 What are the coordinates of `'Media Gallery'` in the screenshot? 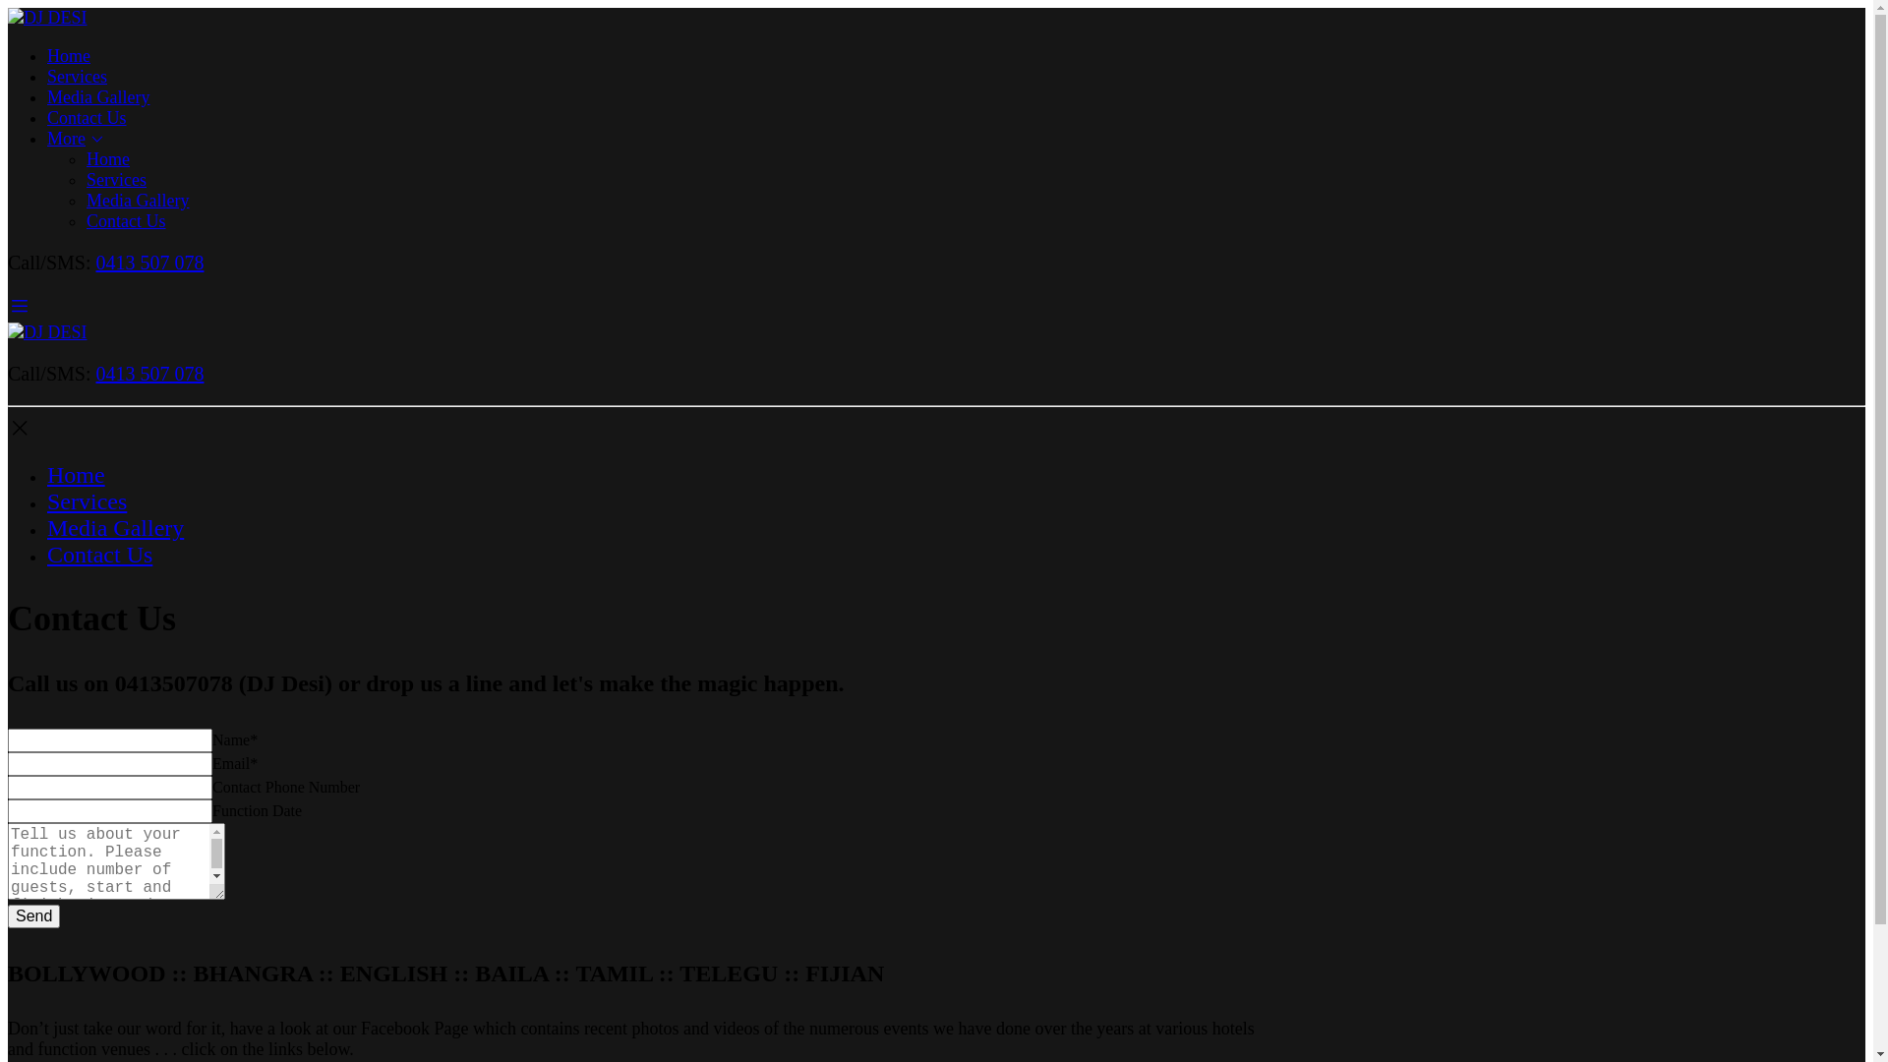 It's located at (114, 526).